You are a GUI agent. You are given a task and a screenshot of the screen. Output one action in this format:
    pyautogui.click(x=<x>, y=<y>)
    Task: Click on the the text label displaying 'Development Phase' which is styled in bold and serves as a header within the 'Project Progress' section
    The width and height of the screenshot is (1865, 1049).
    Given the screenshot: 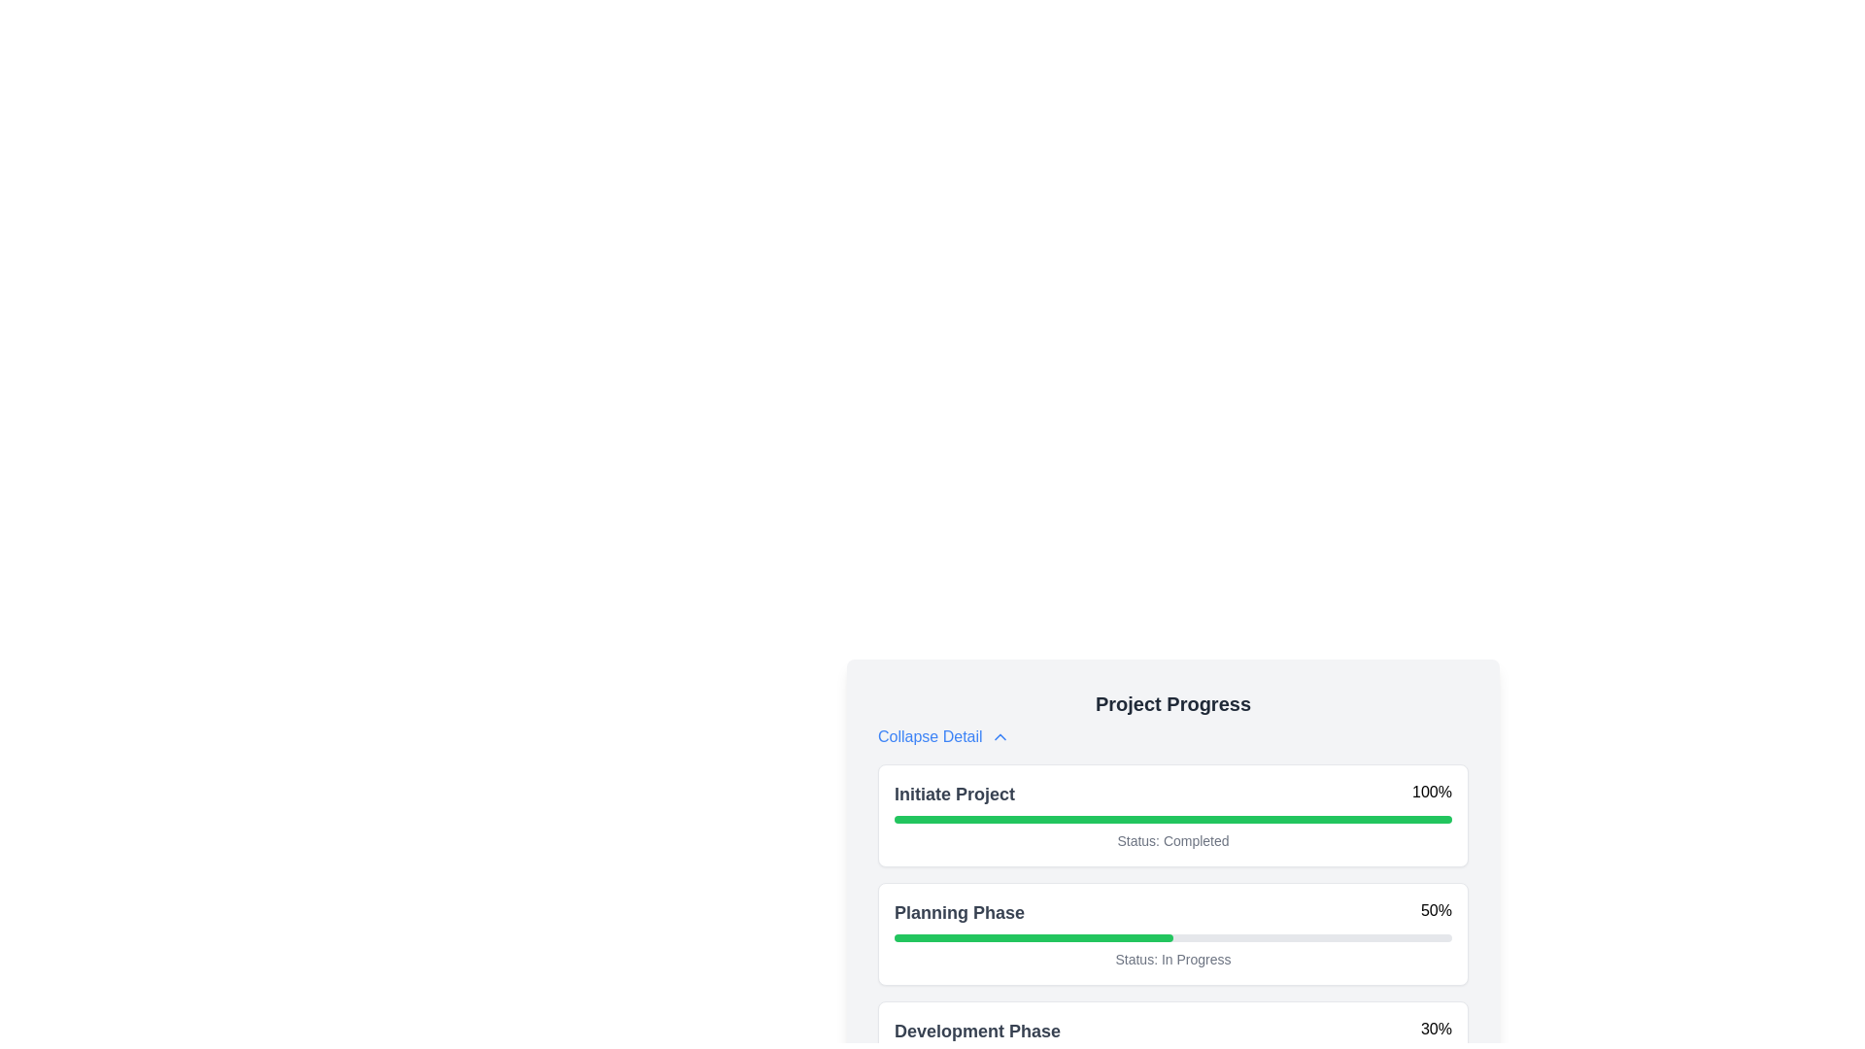 What is the action you would take?
    pyautogui.click(x=977, y=1030)
    